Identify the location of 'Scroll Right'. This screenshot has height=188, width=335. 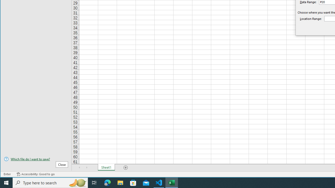
(87, 167).